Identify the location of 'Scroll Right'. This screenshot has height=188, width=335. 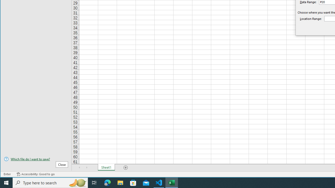
(87, 167).